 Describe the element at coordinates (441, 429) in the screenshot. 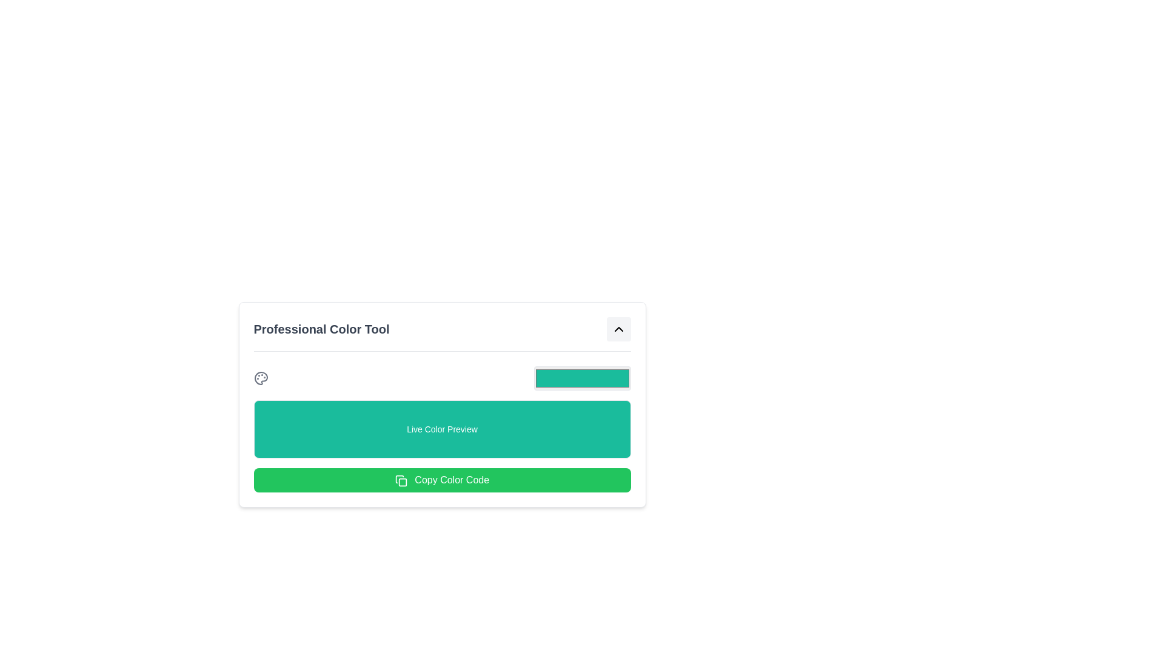

I see `the non-interactive display area that visually previews the selected color, located above the 'Copy Color Code' button` at that location.